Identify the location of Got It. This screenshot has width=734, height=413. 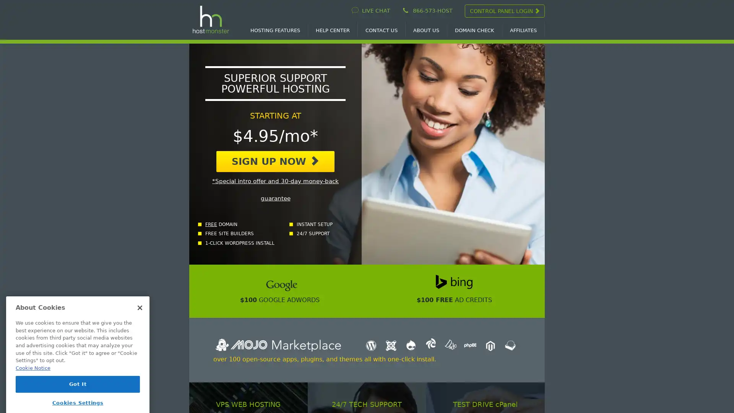
(78, 368).